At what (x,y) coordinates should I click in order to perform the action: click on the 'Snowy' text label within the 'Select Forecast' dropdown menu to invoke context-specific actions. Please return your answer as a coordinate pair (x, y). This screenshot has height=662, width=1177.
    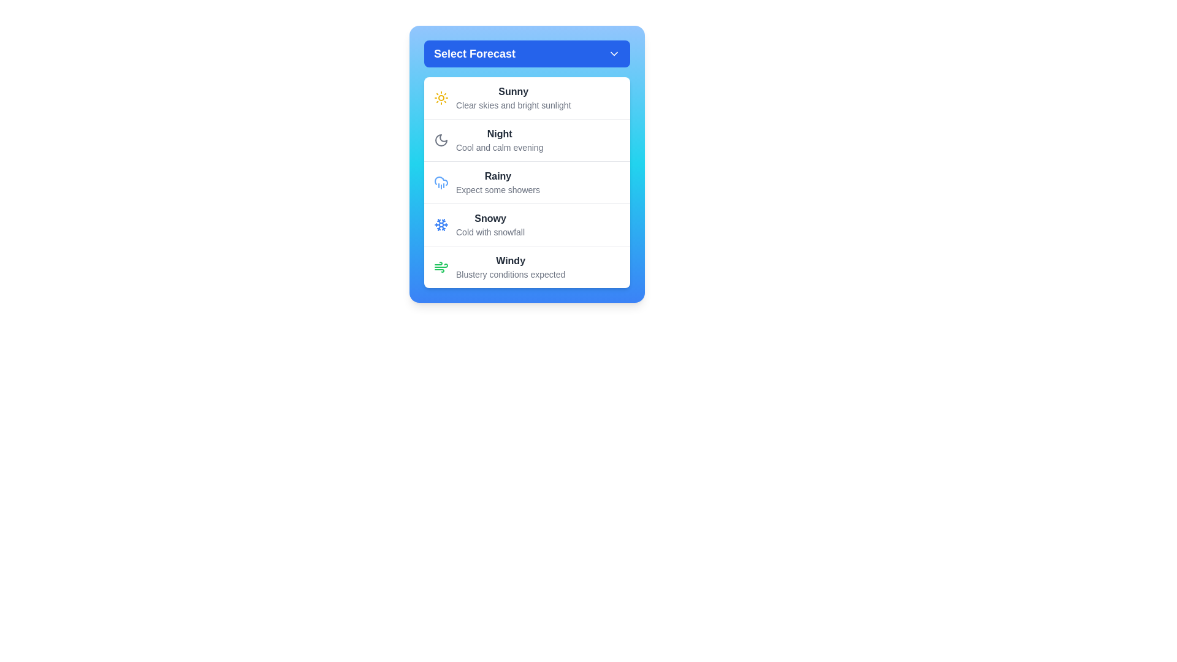
    Looking at the image, I should click on (490, 218).